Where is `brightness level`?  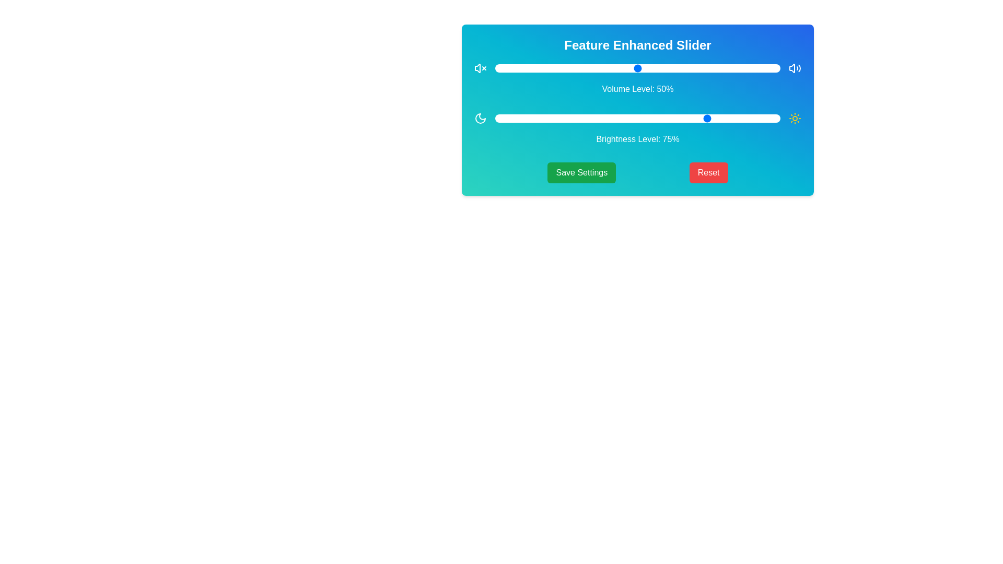
brightness level is located at coordinates (740, 118).